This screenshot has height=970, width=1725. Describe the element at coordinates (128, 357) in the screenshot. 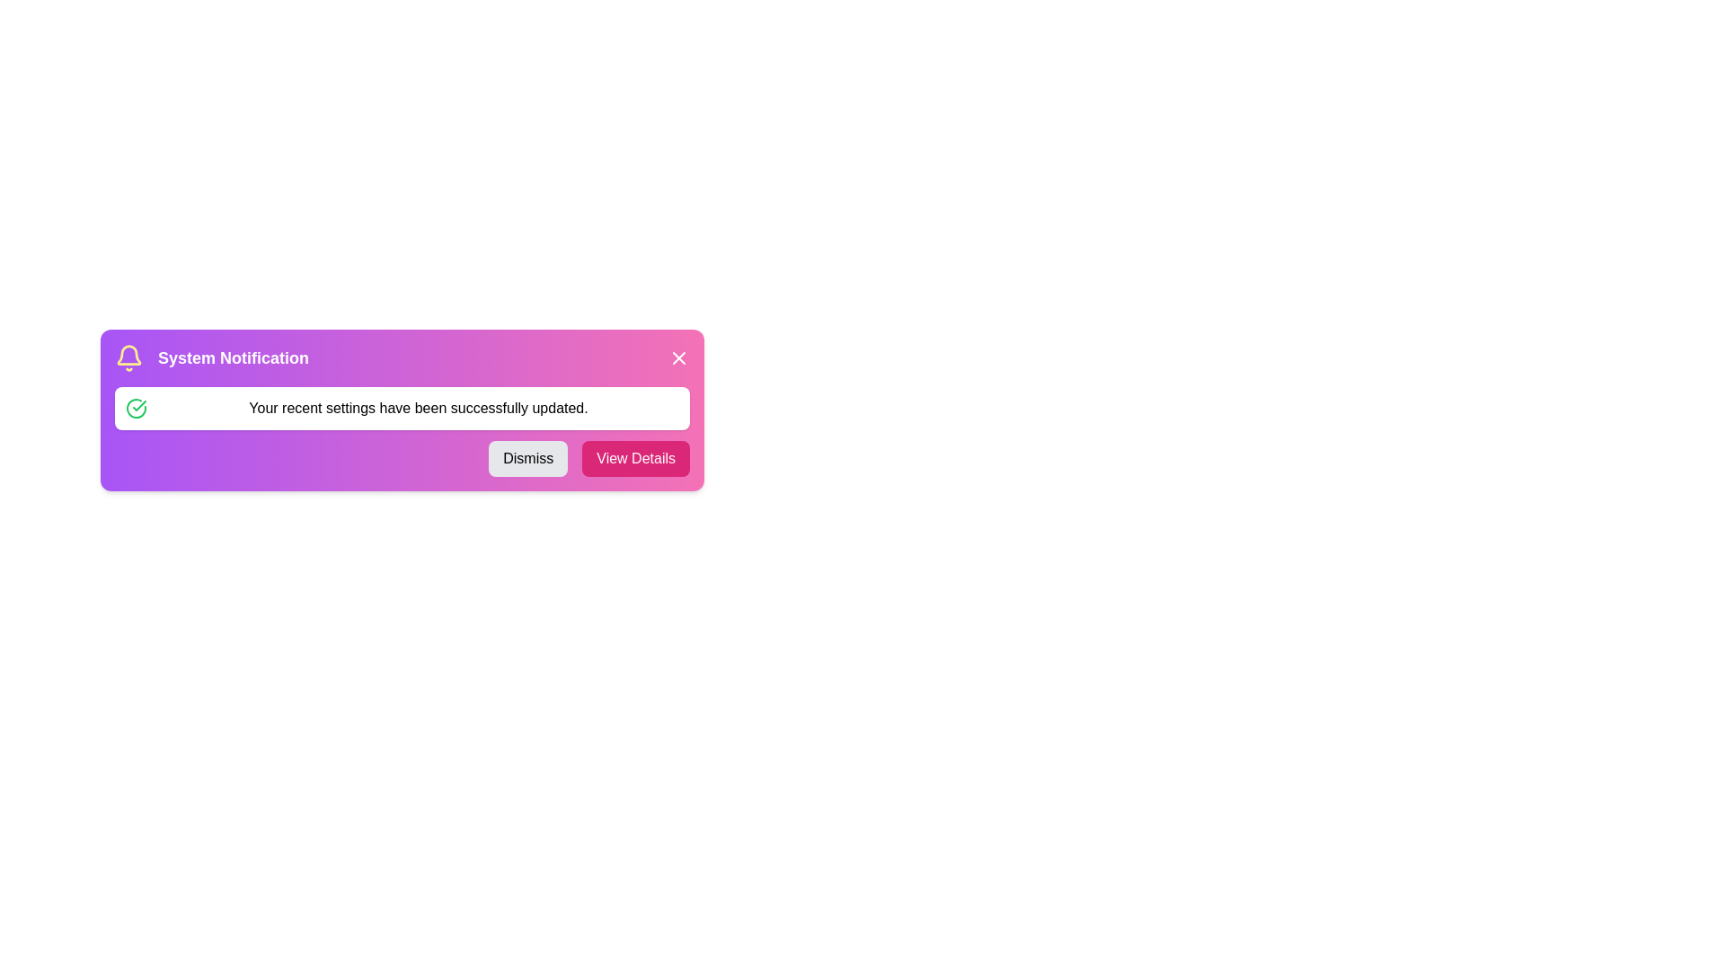

I see `the bell icon in the notification header` at that location.